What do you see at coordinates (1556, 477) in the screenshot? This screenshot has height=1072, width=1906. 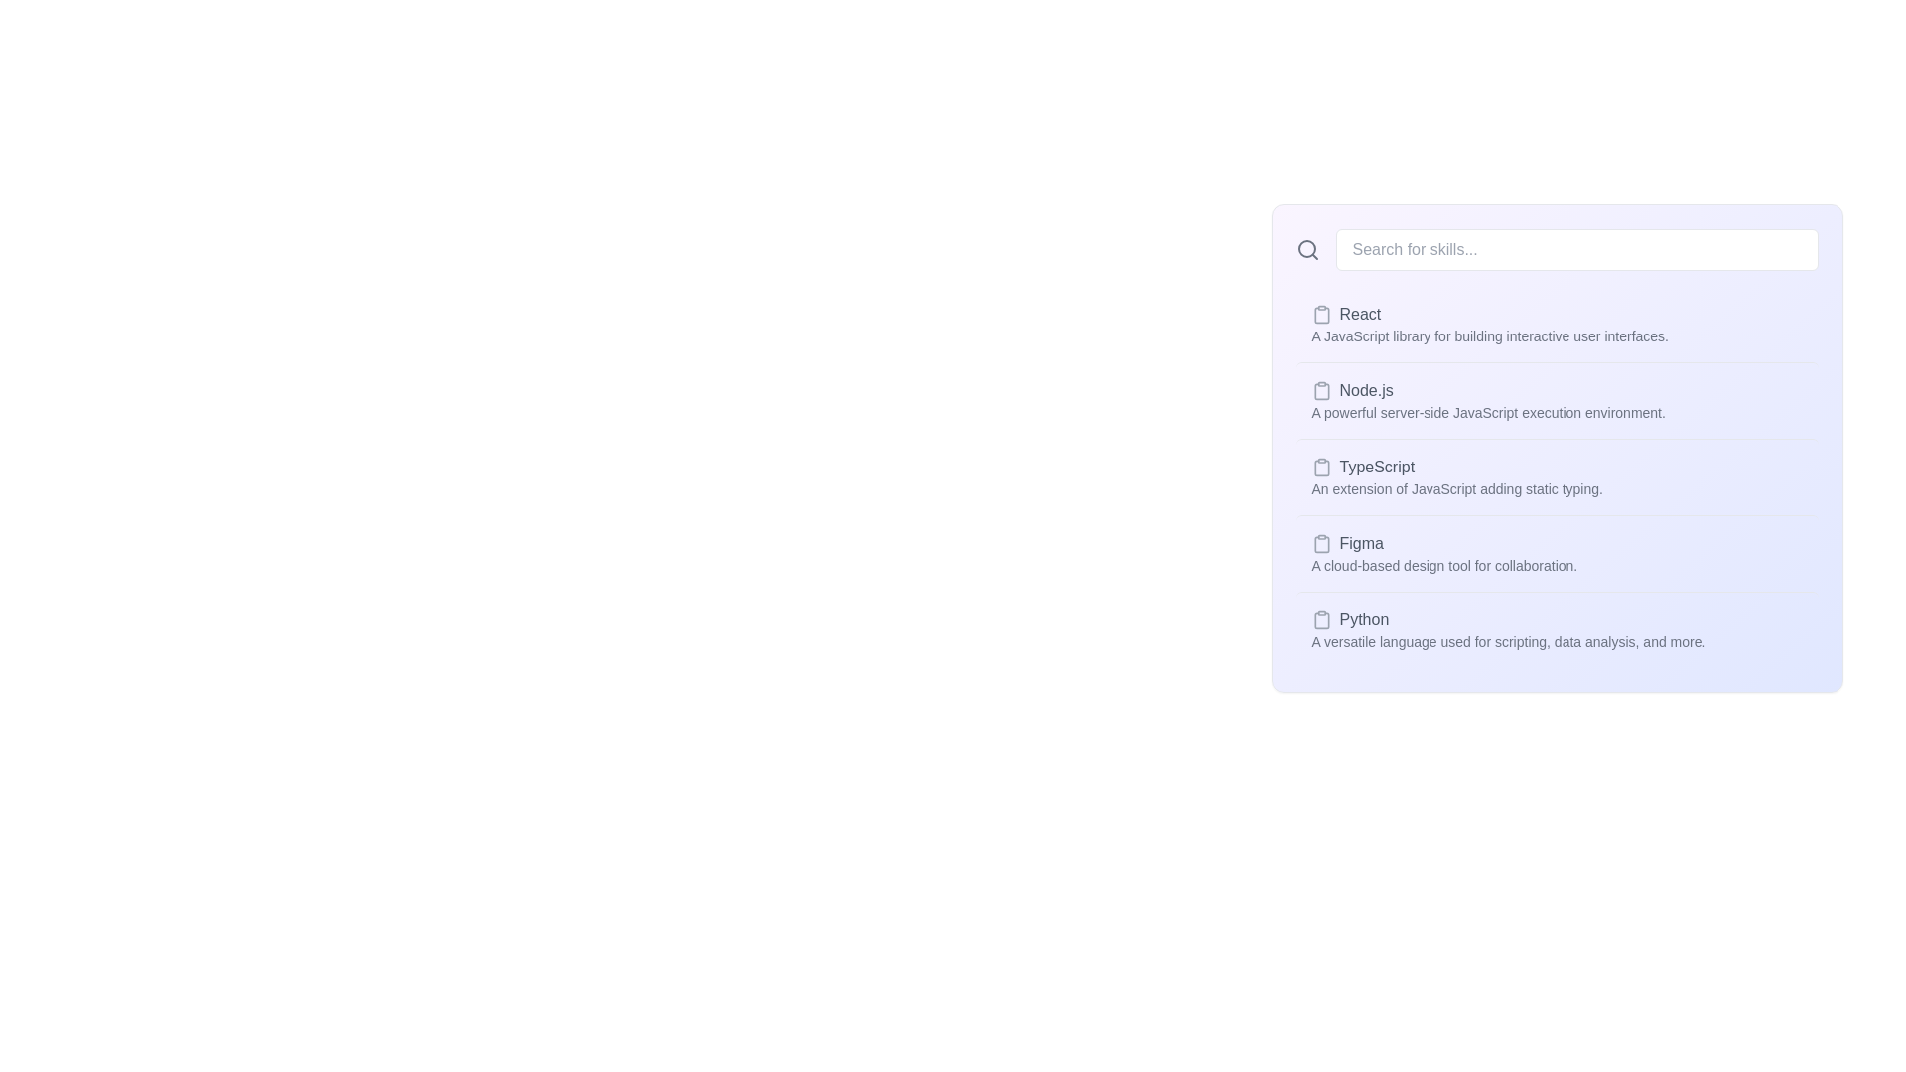 I see `the 'TypeScript' list item, which is the third item in a vertically stacked list` at bounding box center [1556, 477].